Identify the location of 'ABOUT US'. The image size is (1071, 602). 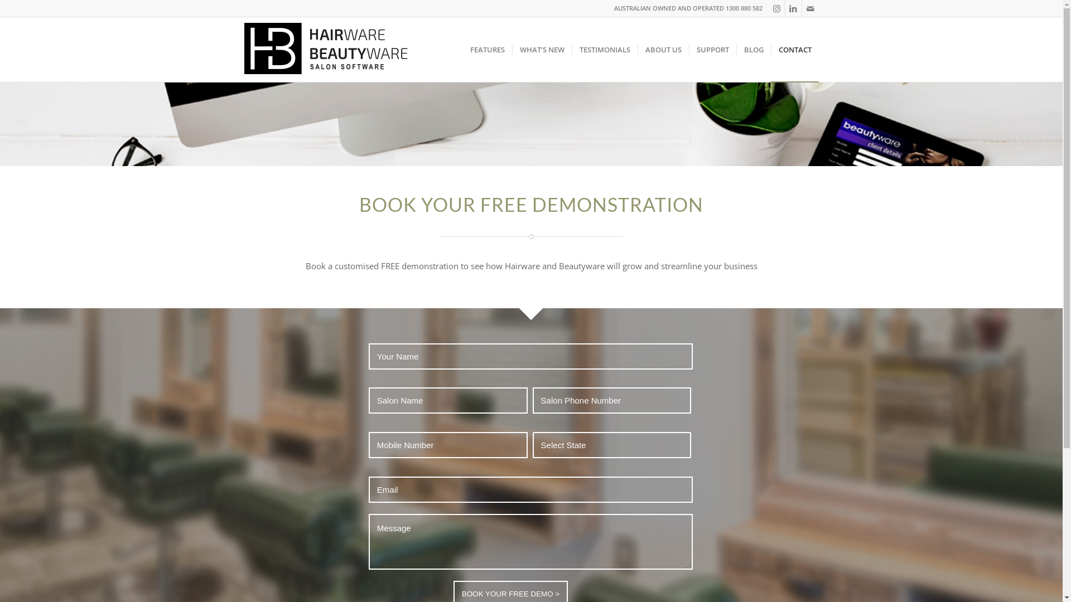
(663, 48).